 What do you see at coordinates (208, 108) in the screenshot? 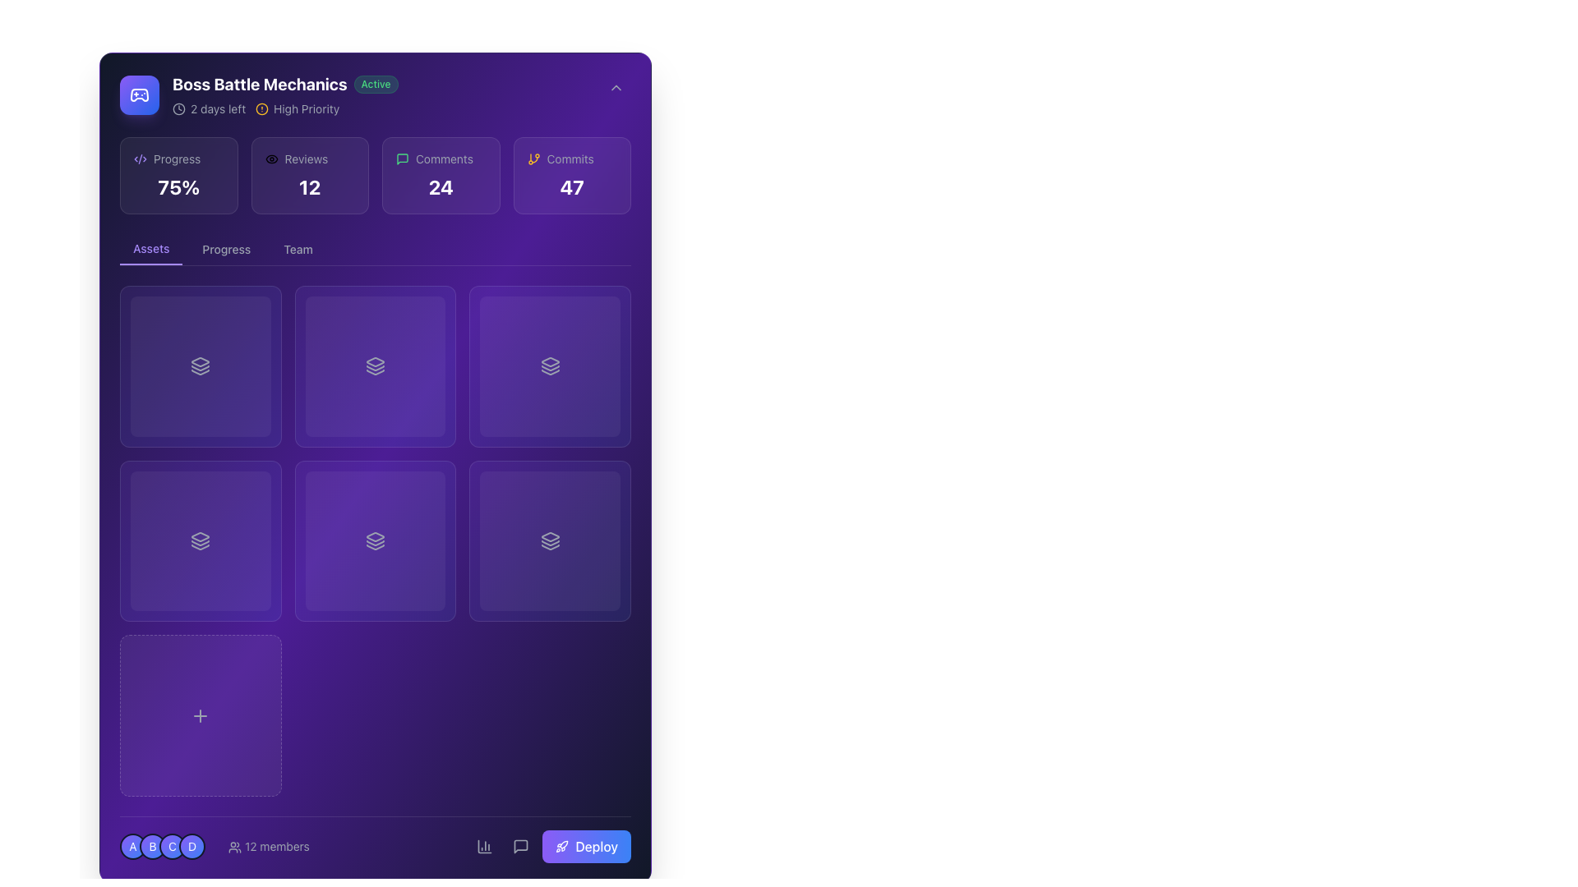
I see `the notification text element displaying '2 days left' with a clock icon, located in the header area to the left of the 'High Priority' label` at bounding box center [208, 108].